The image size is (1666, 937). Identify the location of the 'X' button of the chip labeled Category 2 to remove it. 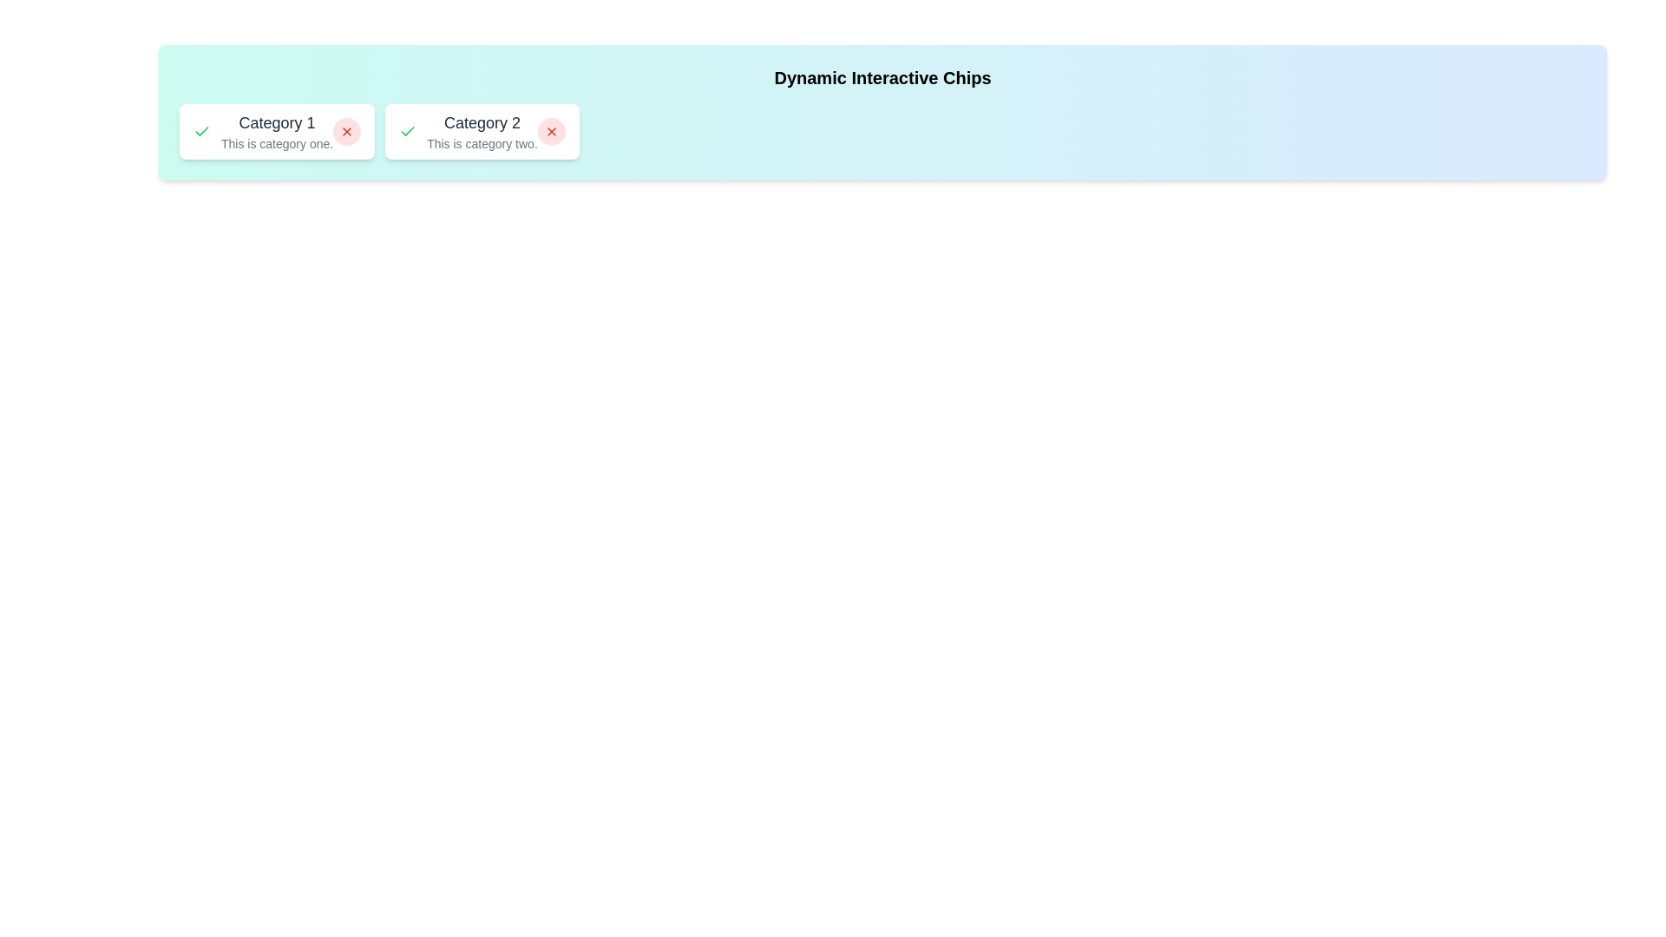
(550, 130).